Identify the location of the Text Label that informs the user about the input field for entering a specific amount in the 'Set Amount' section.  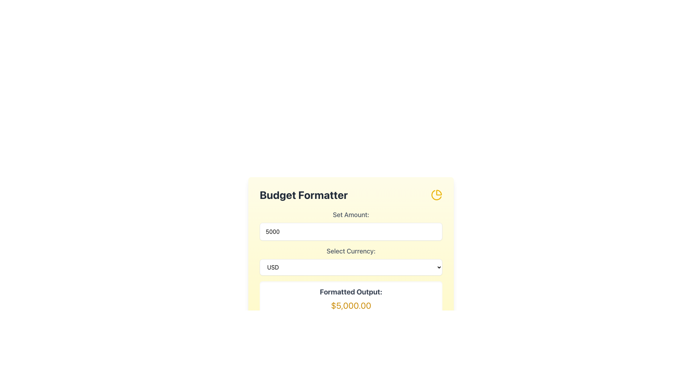
(351, 214).